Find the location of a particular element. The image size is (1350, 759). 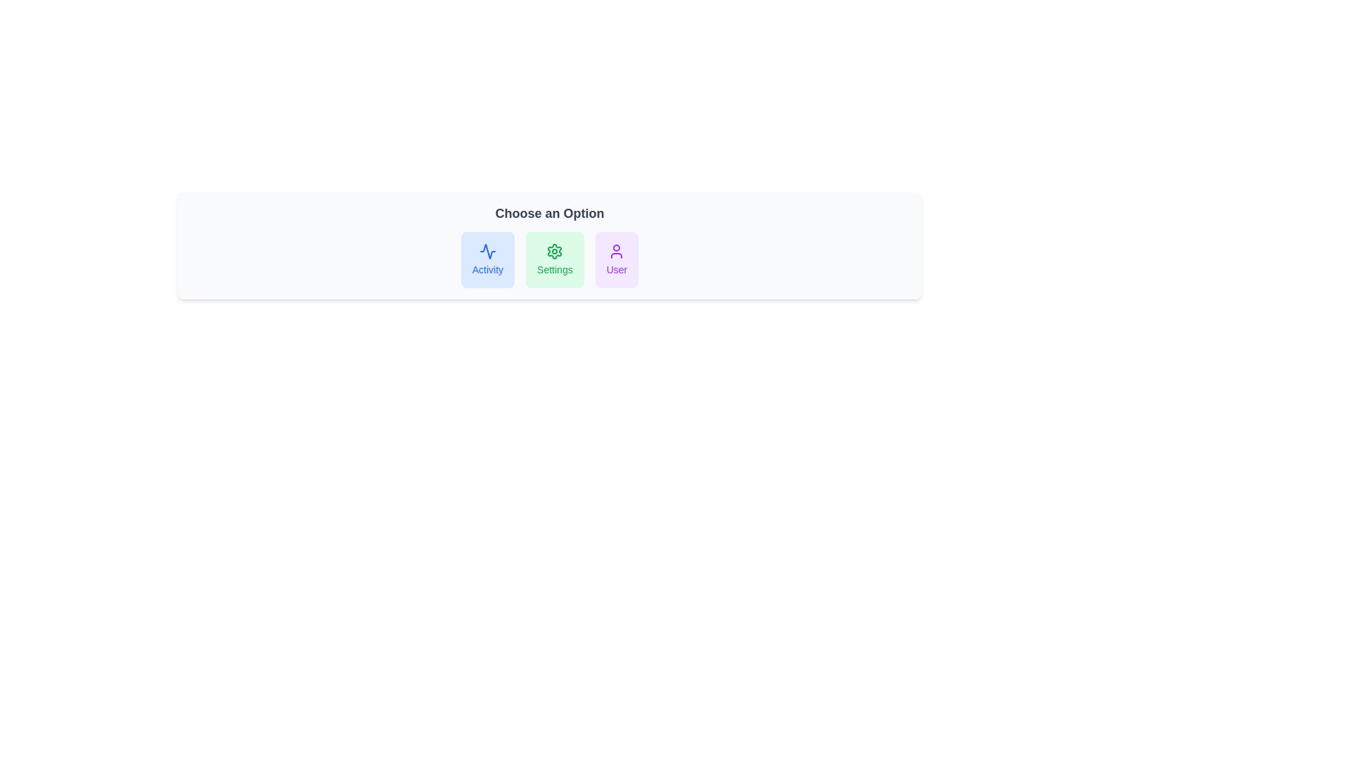

the gear-shaped SVG icon located in the center of the green 'Settings' block is located at coordinates (554, 251).